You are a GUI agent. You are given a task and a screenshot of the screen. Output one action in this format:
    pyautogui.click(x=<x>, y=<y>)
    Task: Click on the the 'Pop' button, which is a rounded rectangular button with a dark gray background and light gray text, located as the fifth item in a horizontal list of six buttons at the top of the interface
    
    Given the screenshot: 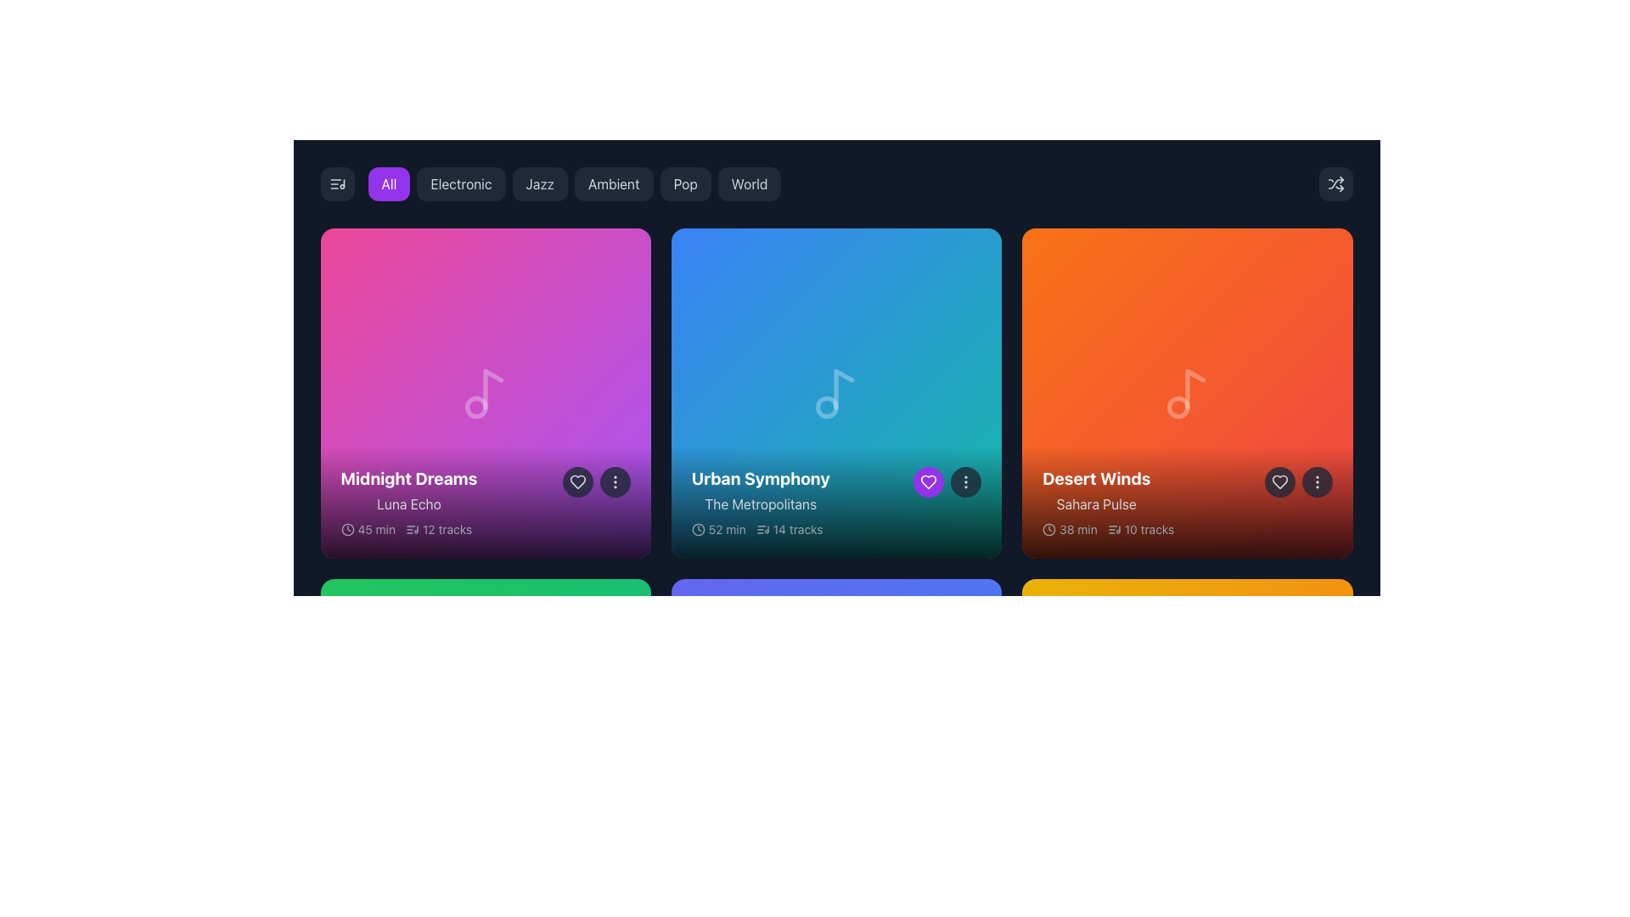 What is the action you would take?
    pyautogui.click(x=685, y=183)
    